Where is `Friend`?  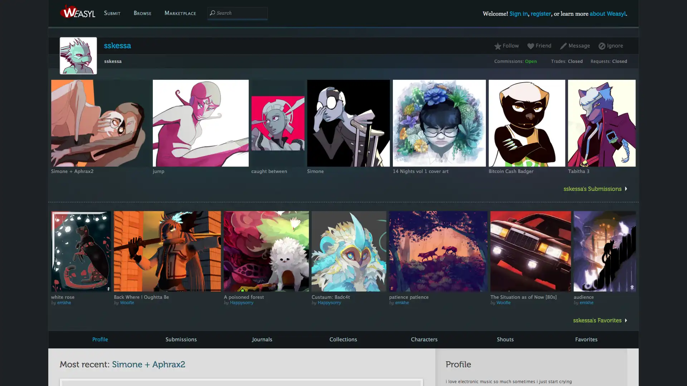
Friend is located at coordinates (539, 45).